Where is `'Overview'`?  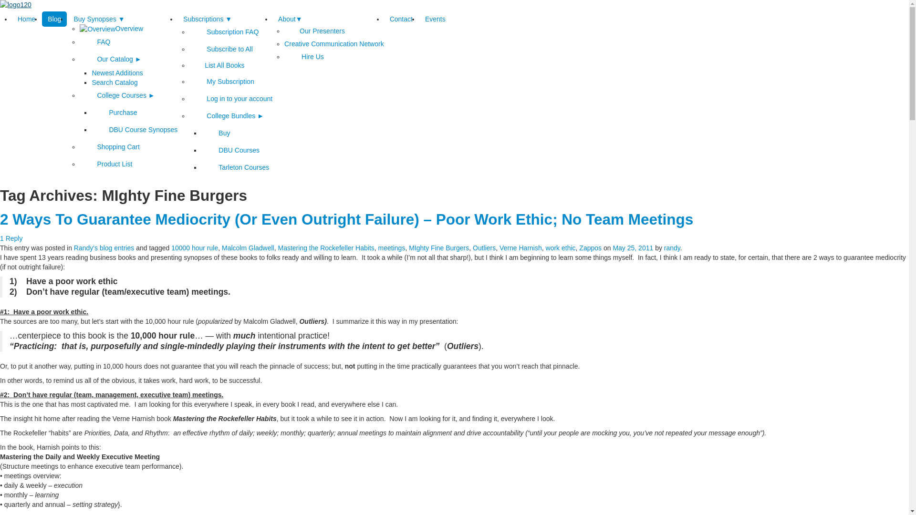
'Overview' is located at coordinates (80, 28).